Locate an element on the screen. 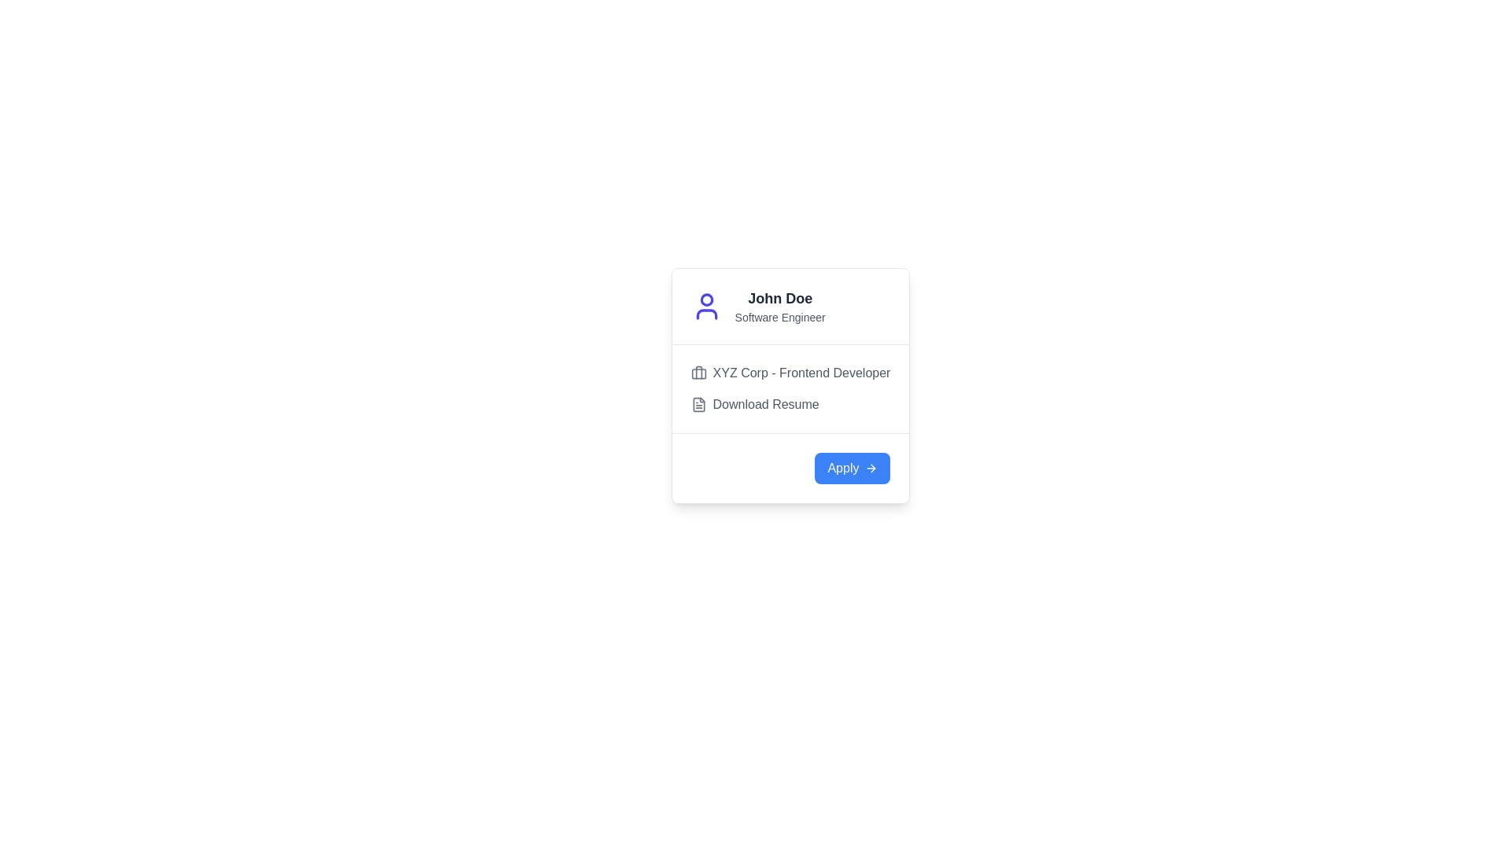 The image size is (1510, 849). the arrow icon indicating the direction of the 'Apply' action, located to the far right inside the 'Apply' button is located at coordinates (871, 468).